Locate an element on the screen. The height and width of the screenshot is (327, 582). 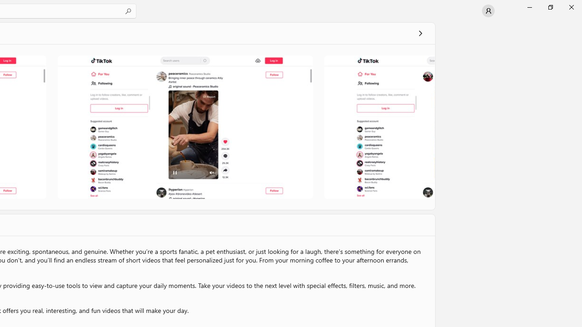
'Restore Microsoft Store' is located at coordinates (550, 7).